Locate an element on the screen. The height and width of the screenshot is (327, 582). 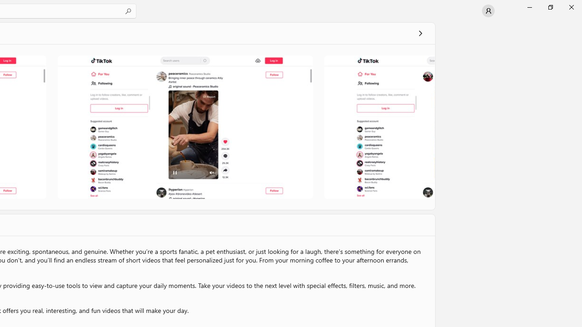
'Restore Microsoft Store' is located at coordinates (550, 7).